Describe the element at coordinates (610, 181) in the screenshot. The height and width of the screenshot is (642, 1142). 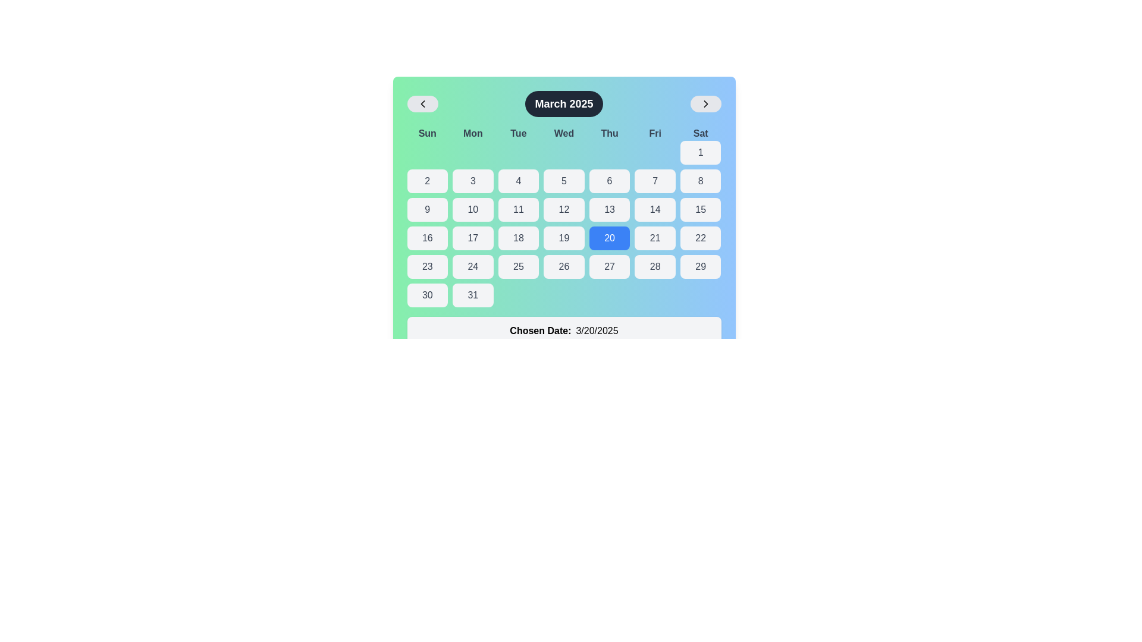
I see `the button representing the number '6' in the calendar grid layout` at that location.